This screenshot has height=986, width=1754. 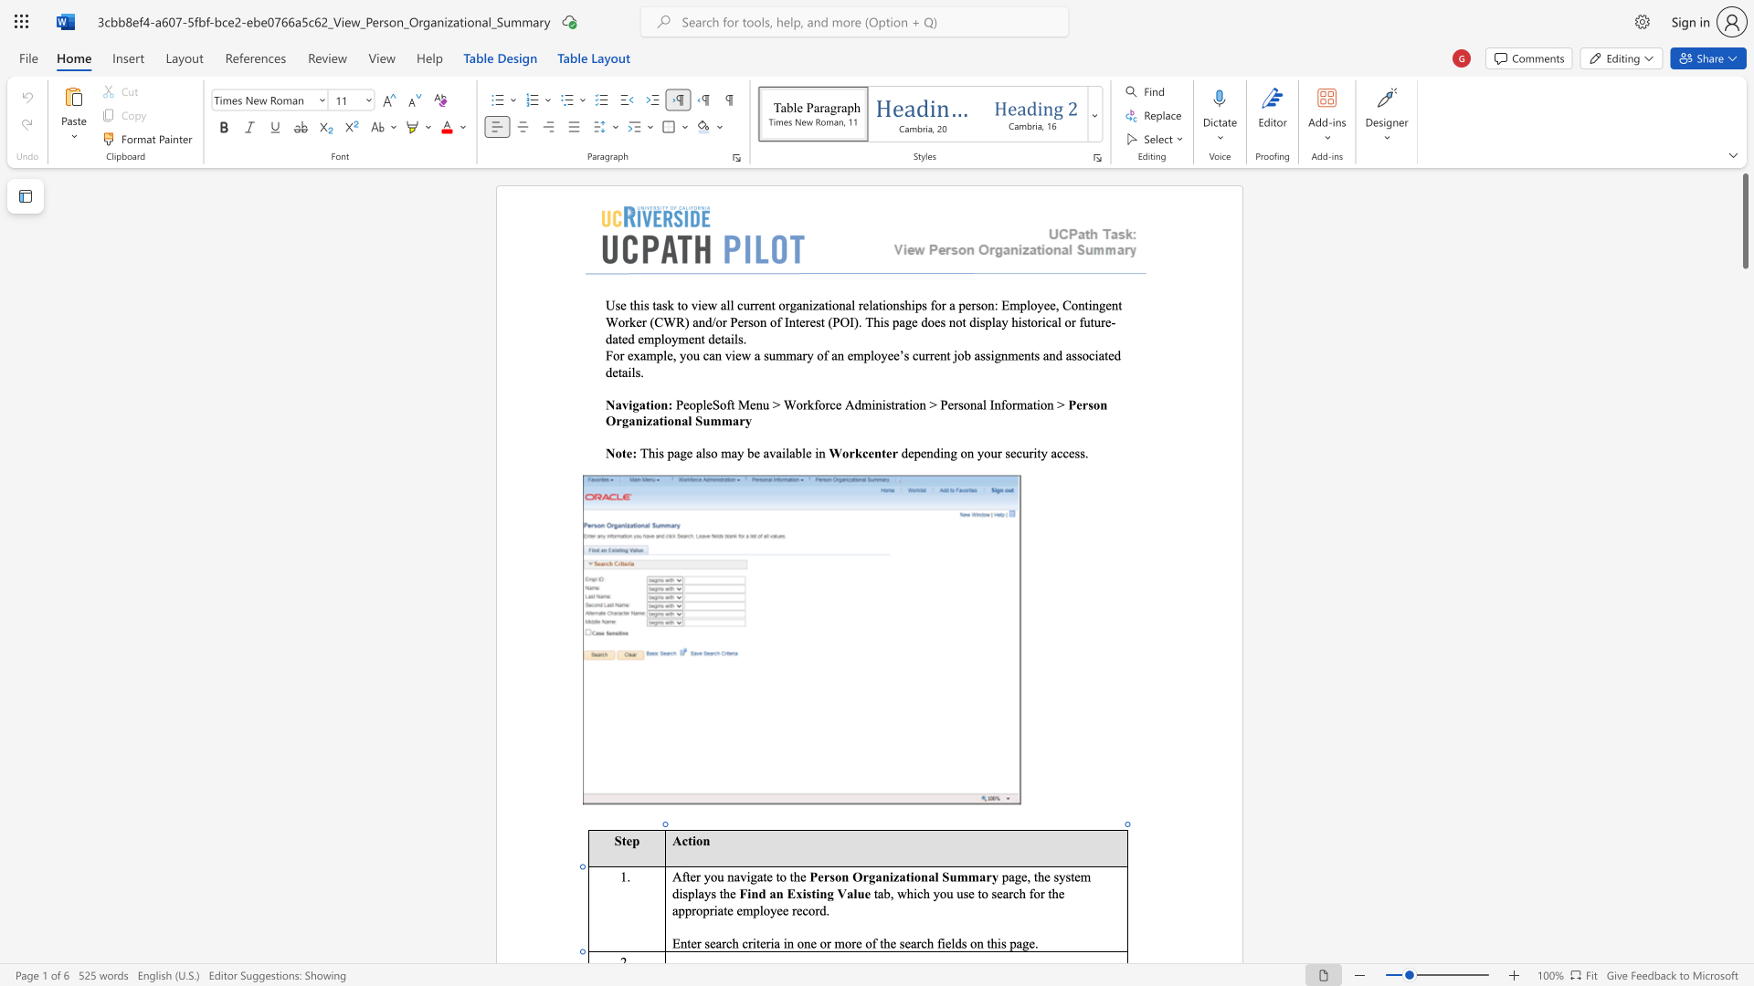 I want to click on the 1th character "." in the text, so click(x=1036, y=943).